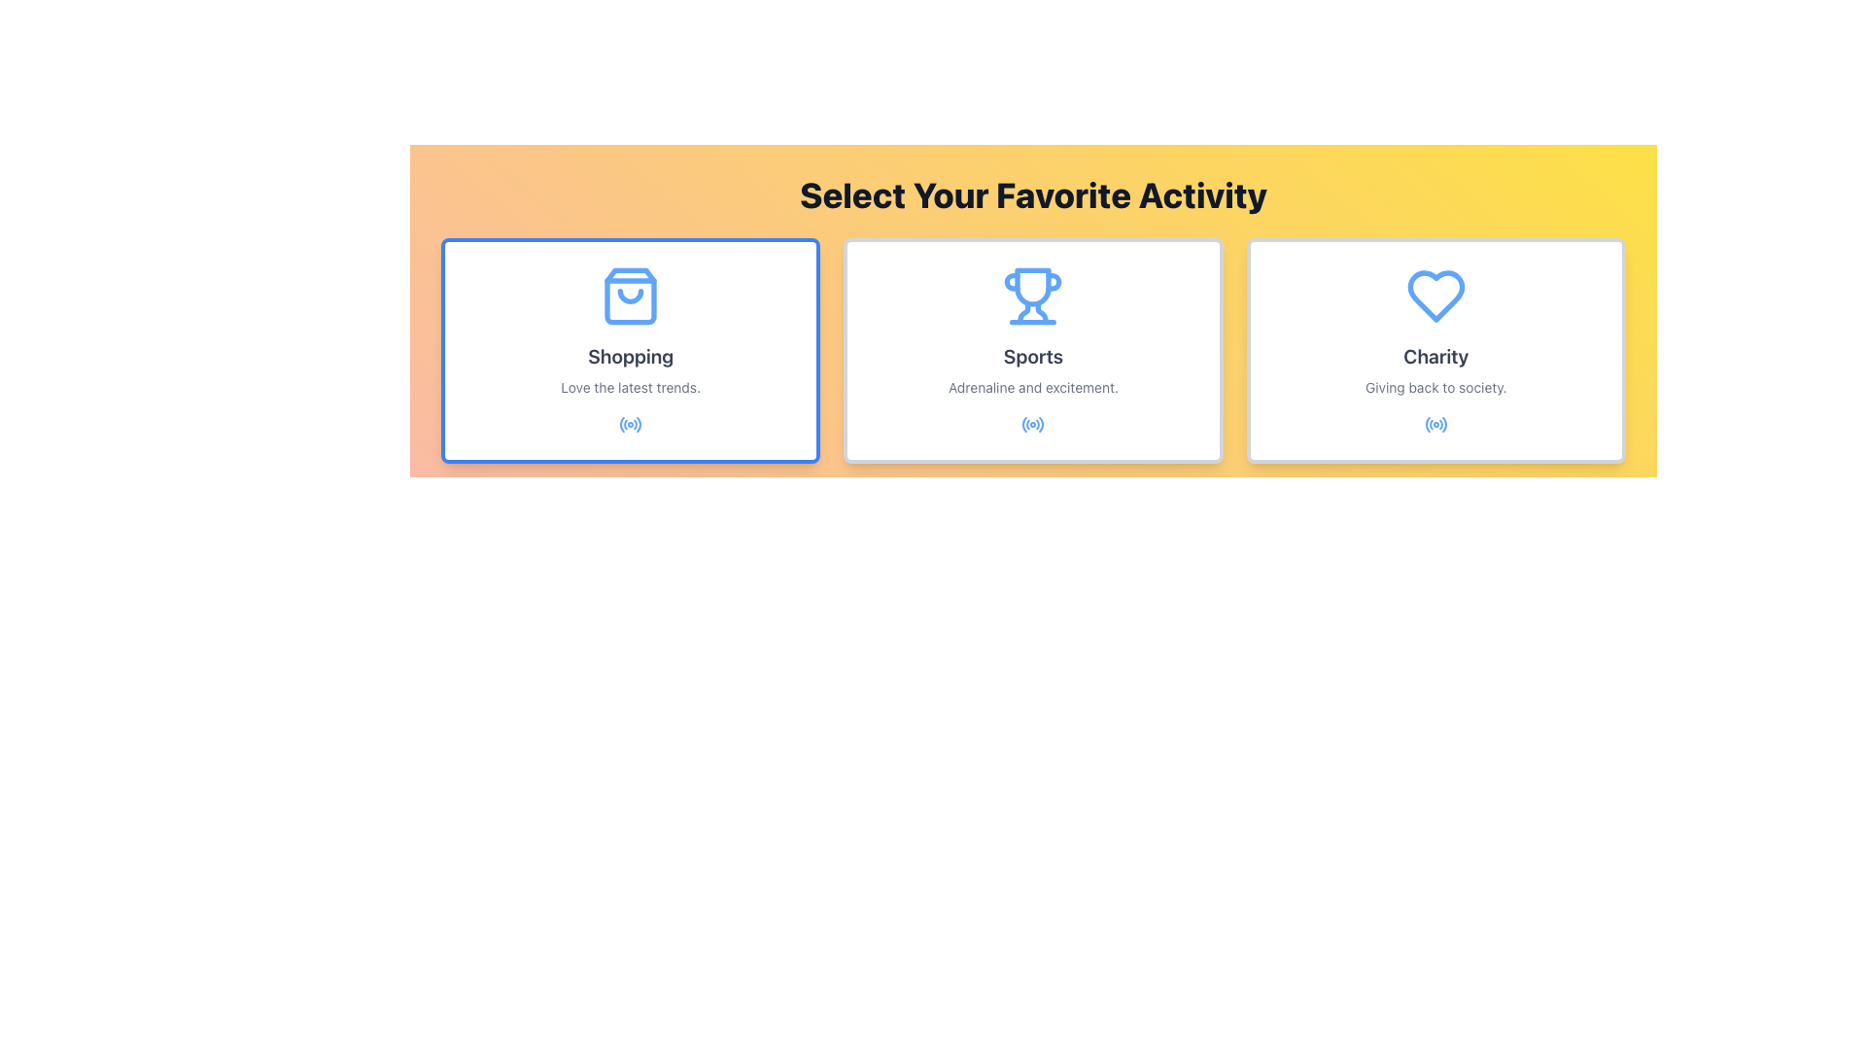  I want to click on the blue heart-shaped vector icon with a hollow interior, centered in the 'Charity' card, above the text 'Charity' and 'Giving back to society.', so click(1435, 296).